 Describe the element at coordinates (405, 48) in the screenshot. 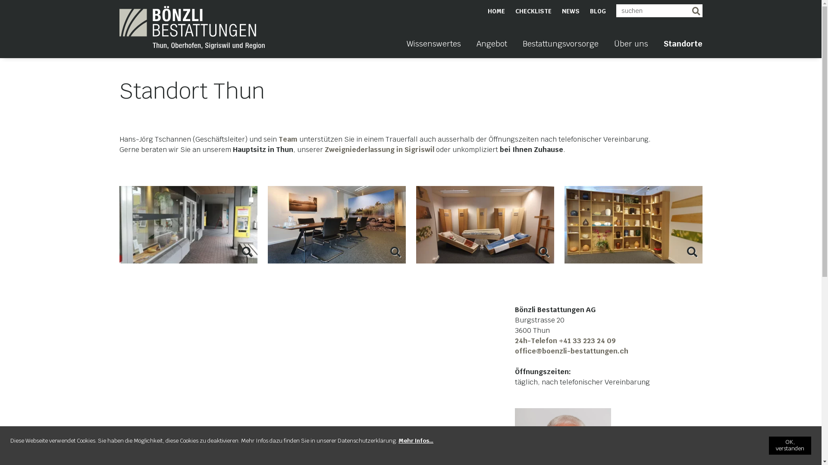

I see `'Wissenswertes'` at that location.